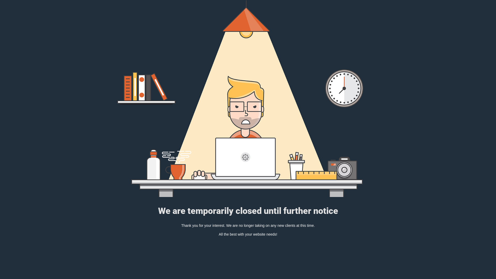 The height and width of the screenshot is (279, 496). What do you see at coordinates (248, 99) in the screenshot?
I see `'Mad Designer at work in the dark'` at bounding box center [248, 99].